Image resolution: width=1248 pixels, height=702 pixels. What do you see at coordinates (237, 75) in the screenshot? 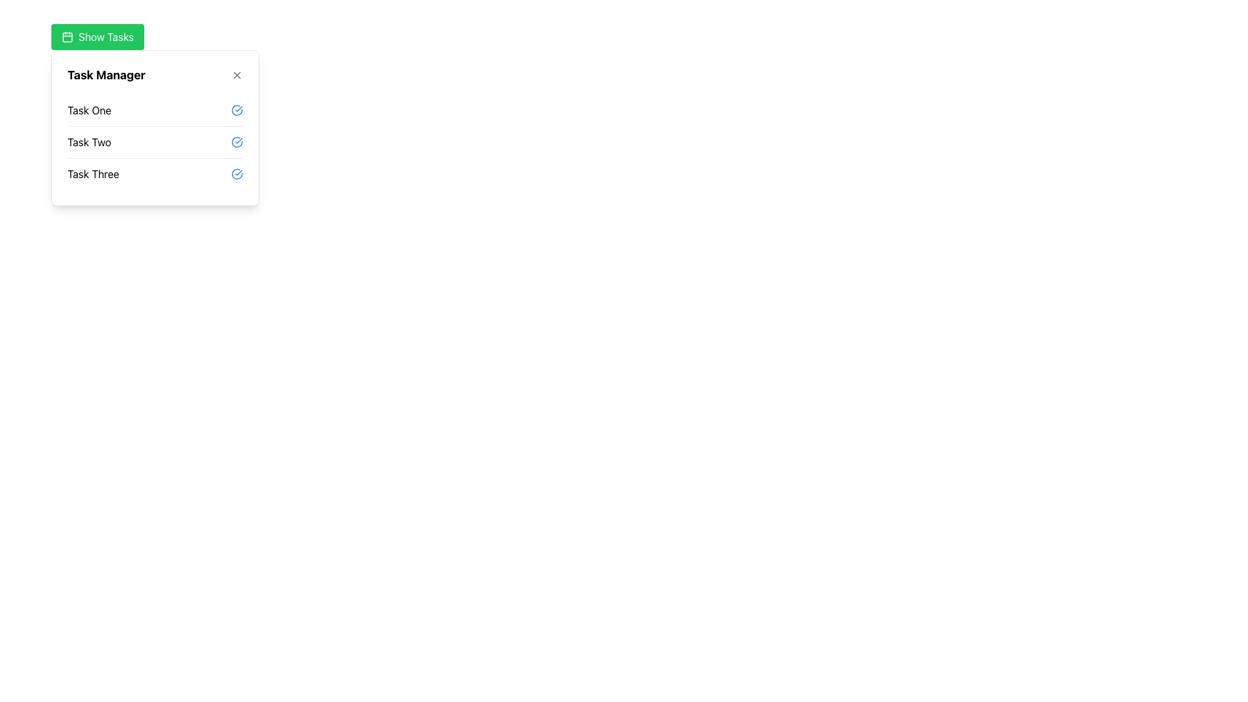
I see `the close icon located in the top-right region of the 'Task Manager' card` at bounding box center [237, 75].